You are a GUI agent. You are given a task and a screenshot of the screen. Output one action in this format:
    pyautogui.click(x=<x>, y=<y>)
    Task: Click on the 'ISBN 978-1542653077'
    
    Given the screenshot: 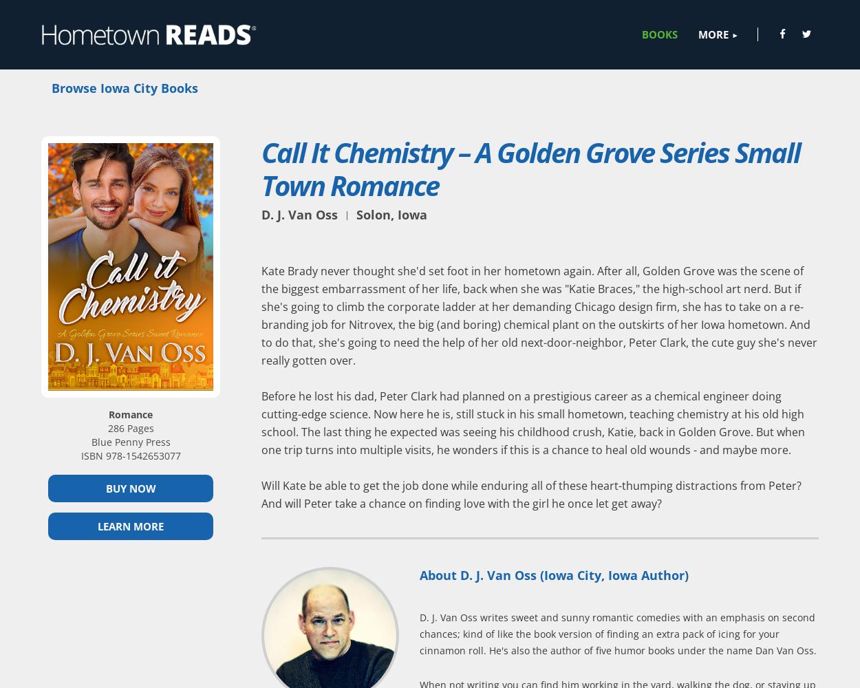 What is the action you would take?
    pyautogui.click(x=129, y=455)
    